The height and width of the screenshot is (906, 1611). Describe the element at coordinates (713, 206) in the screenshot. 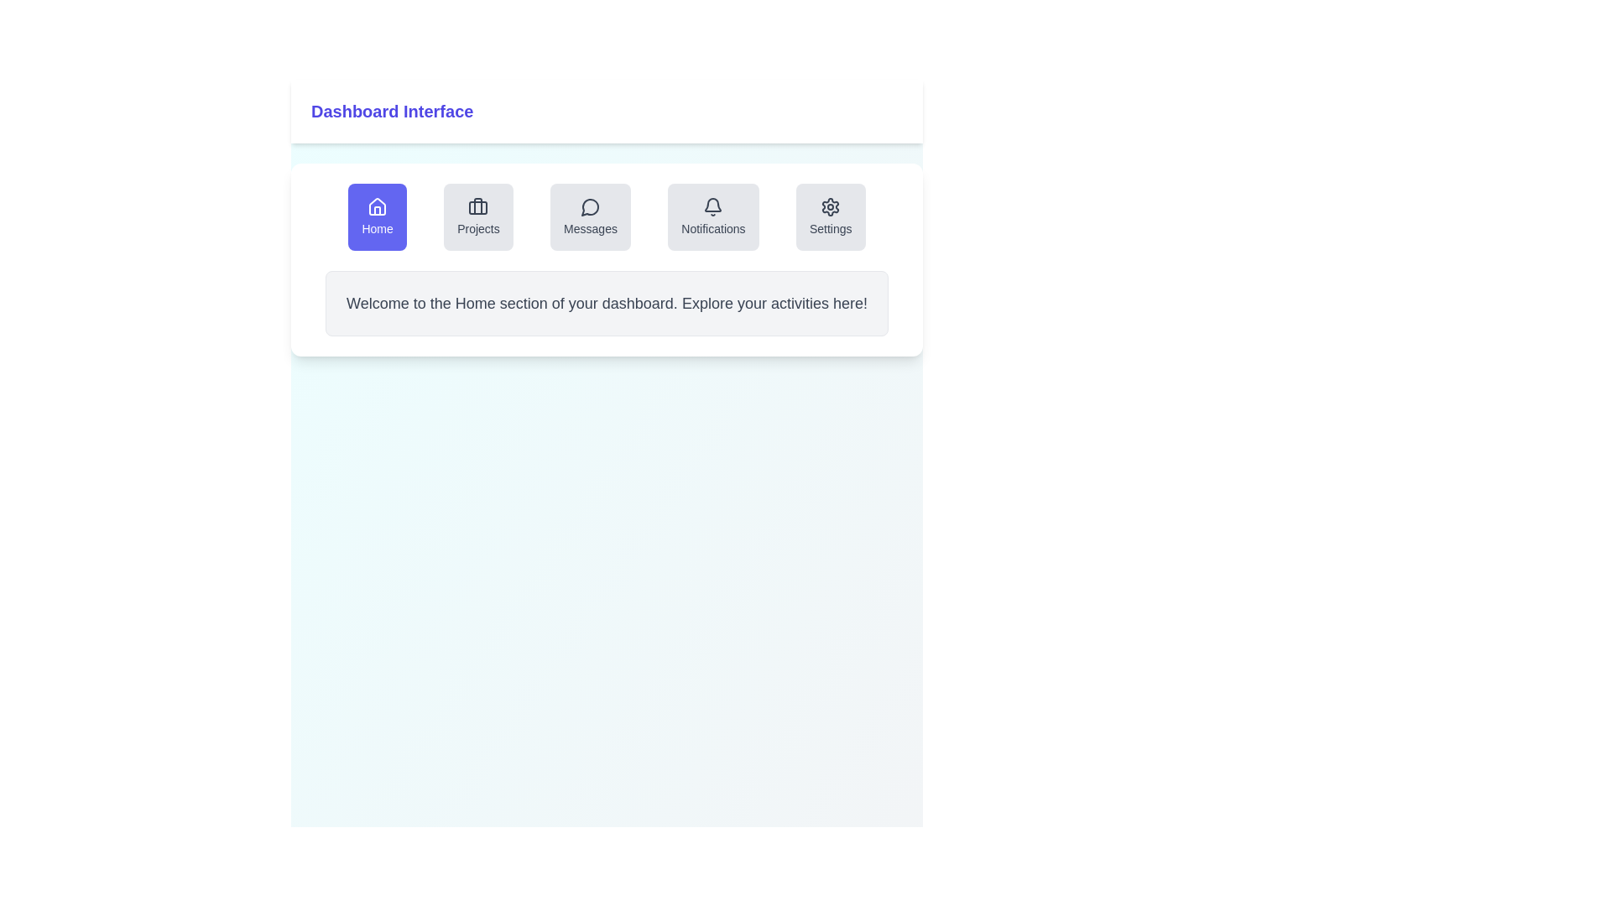

I see `the bell icon representing notifications` at that location.